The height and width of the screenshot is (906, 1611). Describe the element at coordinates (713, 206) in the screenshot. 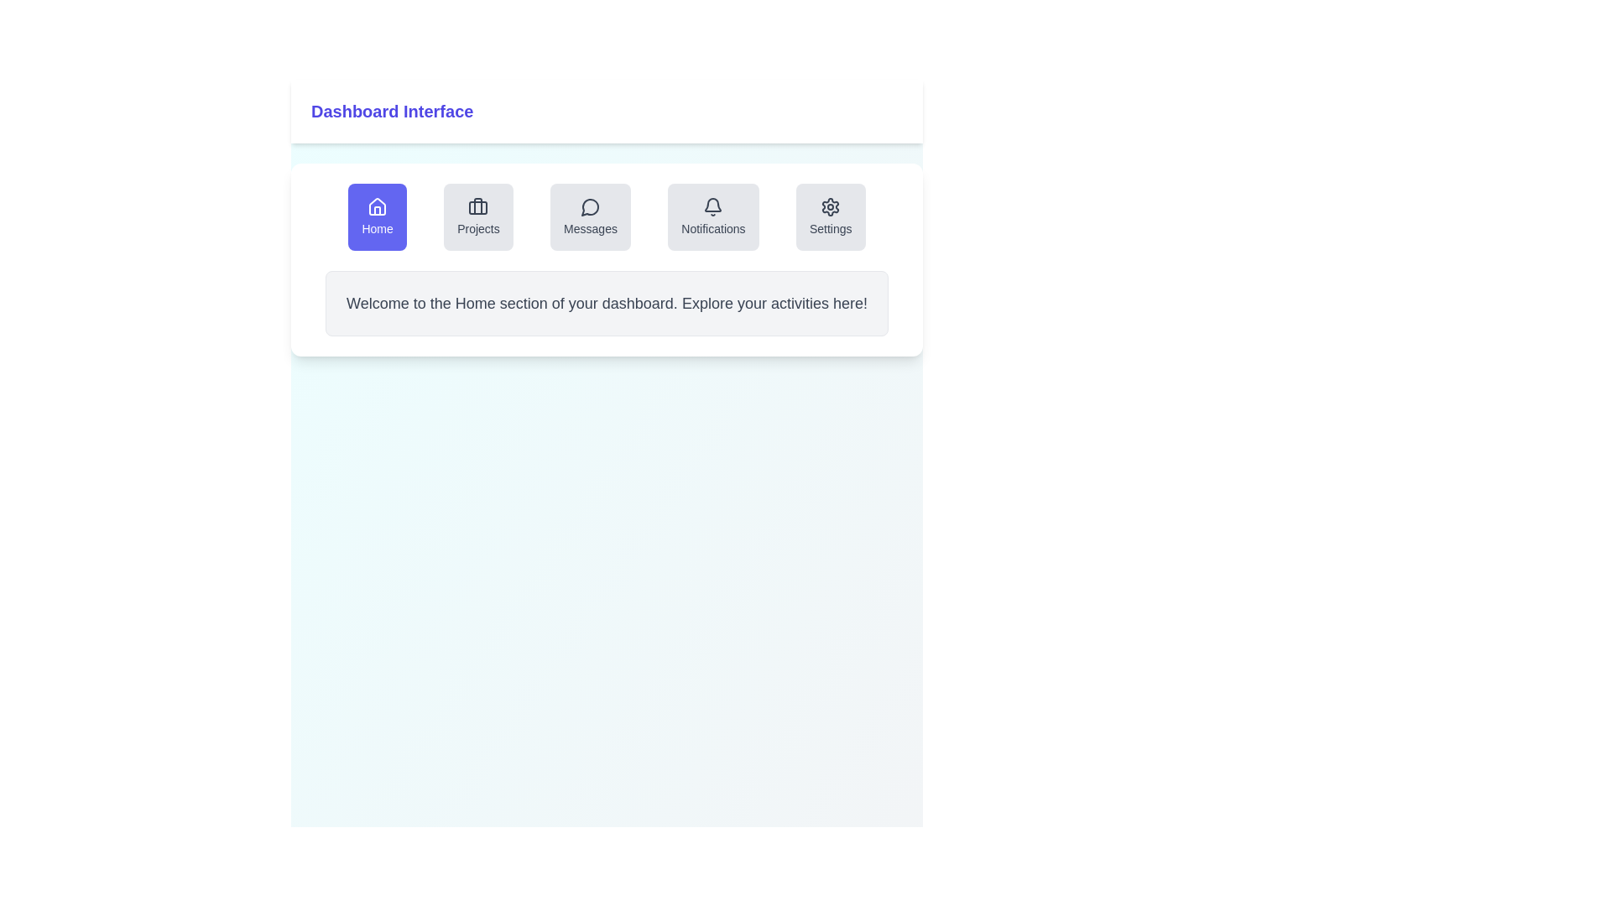

I see `the bell icon representing notifications` at that location.